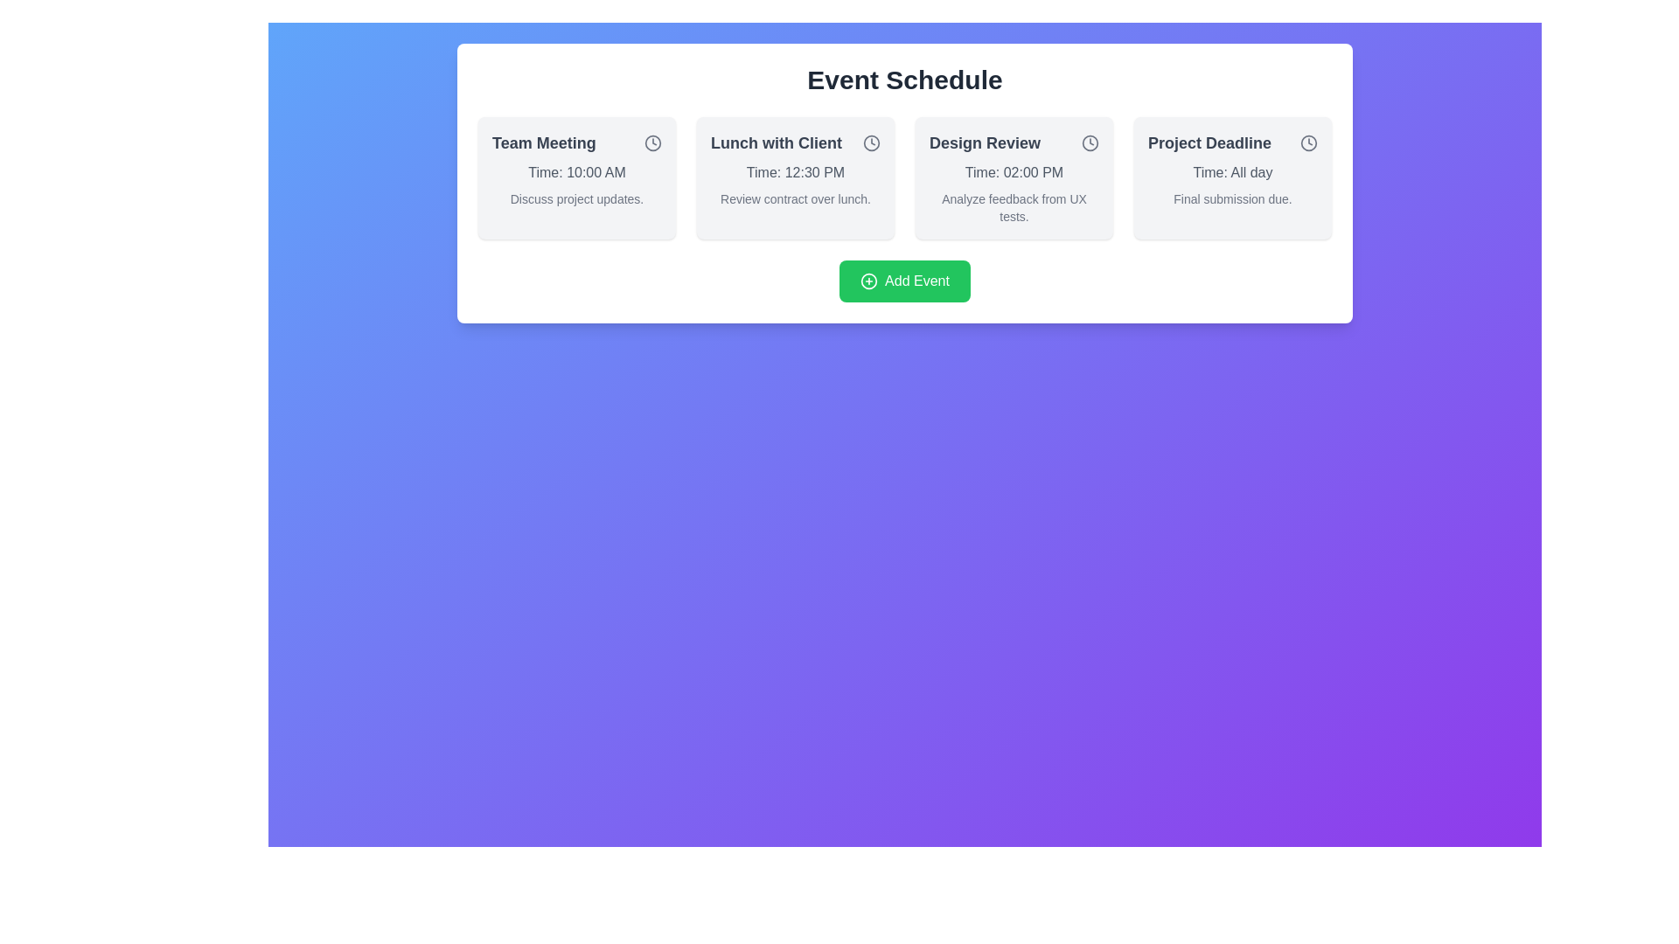 The width and height of the screenshot is (1679, 944). What do you see at coordinates (795, 178) in the screenshot?
I see `event details from the informational card located in the middle-right of the interface, which is the second element in a row of four cards` at bounding box center [795, 178].